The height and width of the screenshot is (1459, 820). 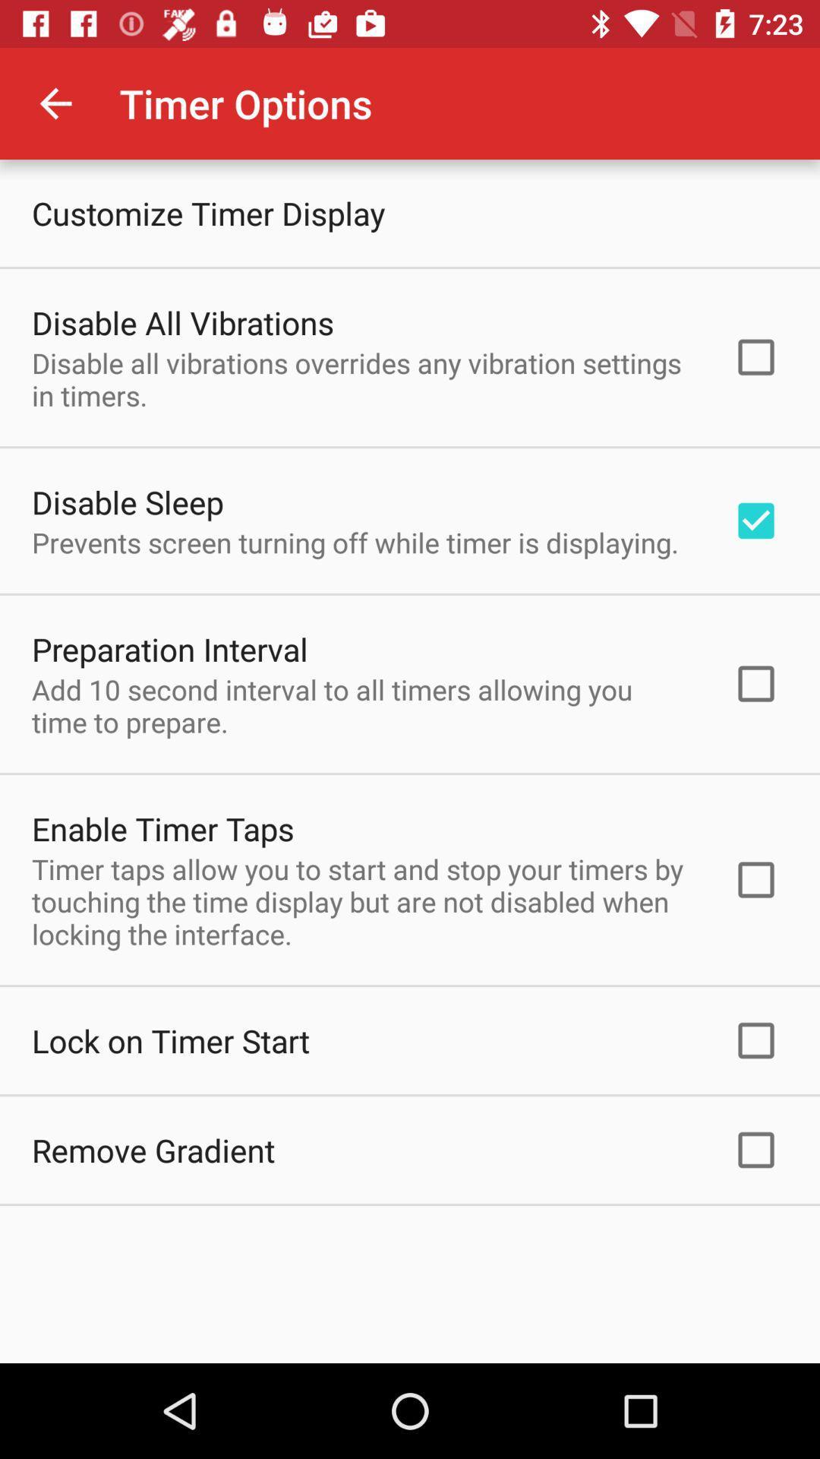 What do you see at coordinates (169, 649) in the screenshot?
I see `icon below prevents screen turning` at bounding box center [169, 649].